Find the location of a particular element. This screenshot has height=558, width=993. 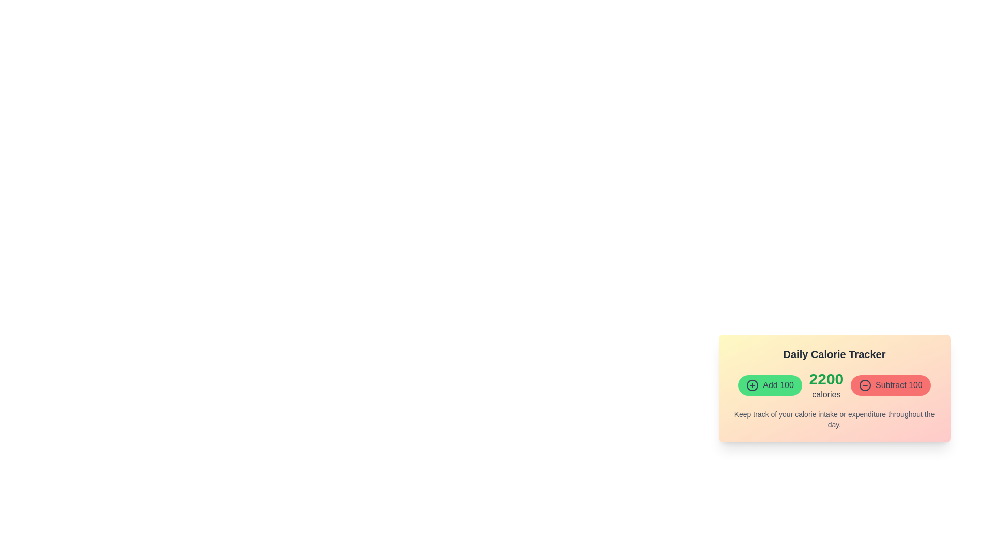

the label displaying the current calorie count ('2200 calories') located between the 'Add 100' green button and the 'Subtract 100' red button in the 'Daily Calorie Tracker' section is located at coordinates (826, 385).